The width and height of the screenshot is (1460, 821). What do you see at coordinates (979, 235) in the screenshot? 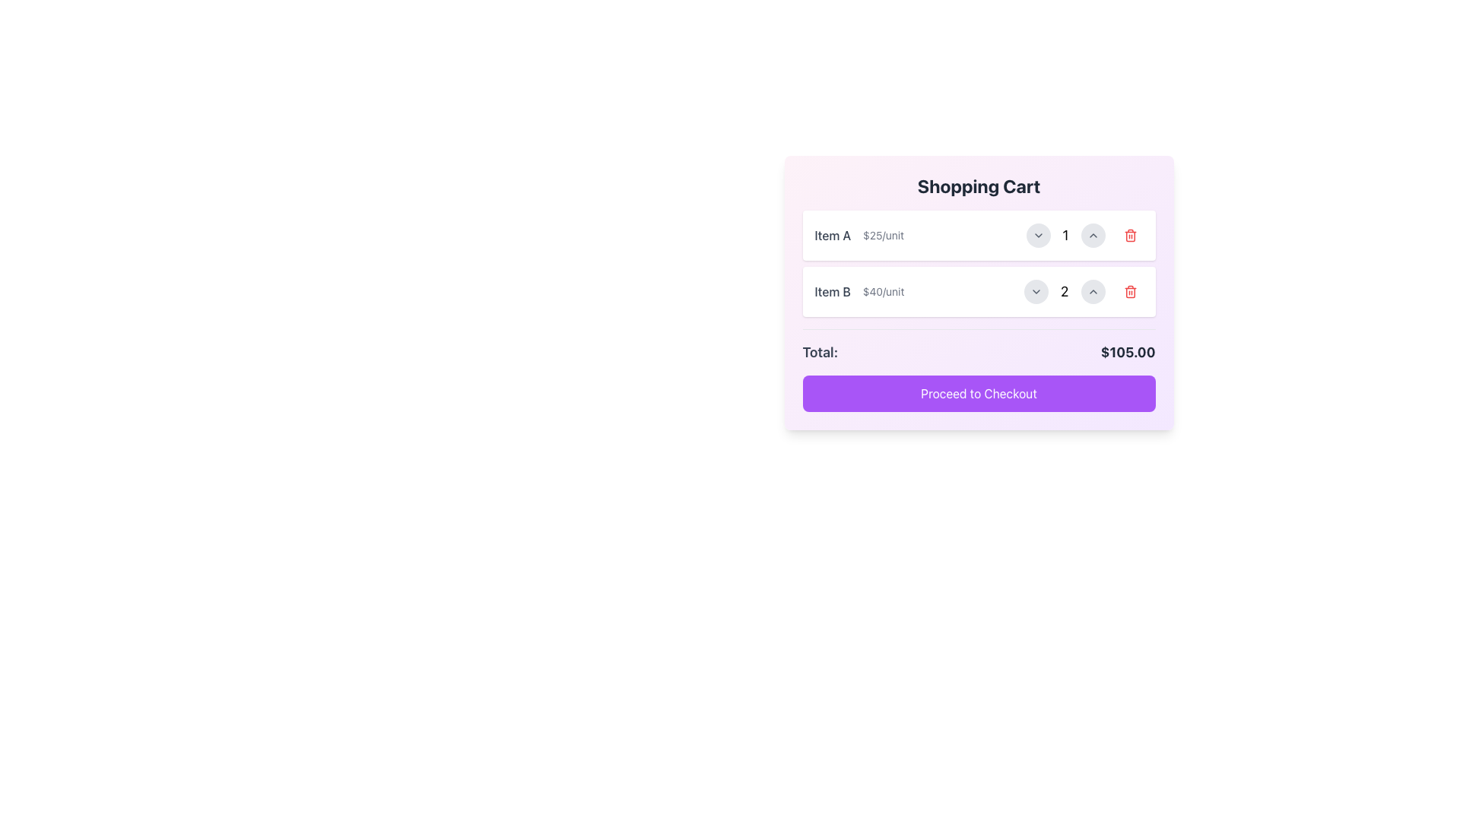
I see `the first item in the shopping cart list, which displays details and allows quantity adjustment or removal` at bounding box center [979, 235].